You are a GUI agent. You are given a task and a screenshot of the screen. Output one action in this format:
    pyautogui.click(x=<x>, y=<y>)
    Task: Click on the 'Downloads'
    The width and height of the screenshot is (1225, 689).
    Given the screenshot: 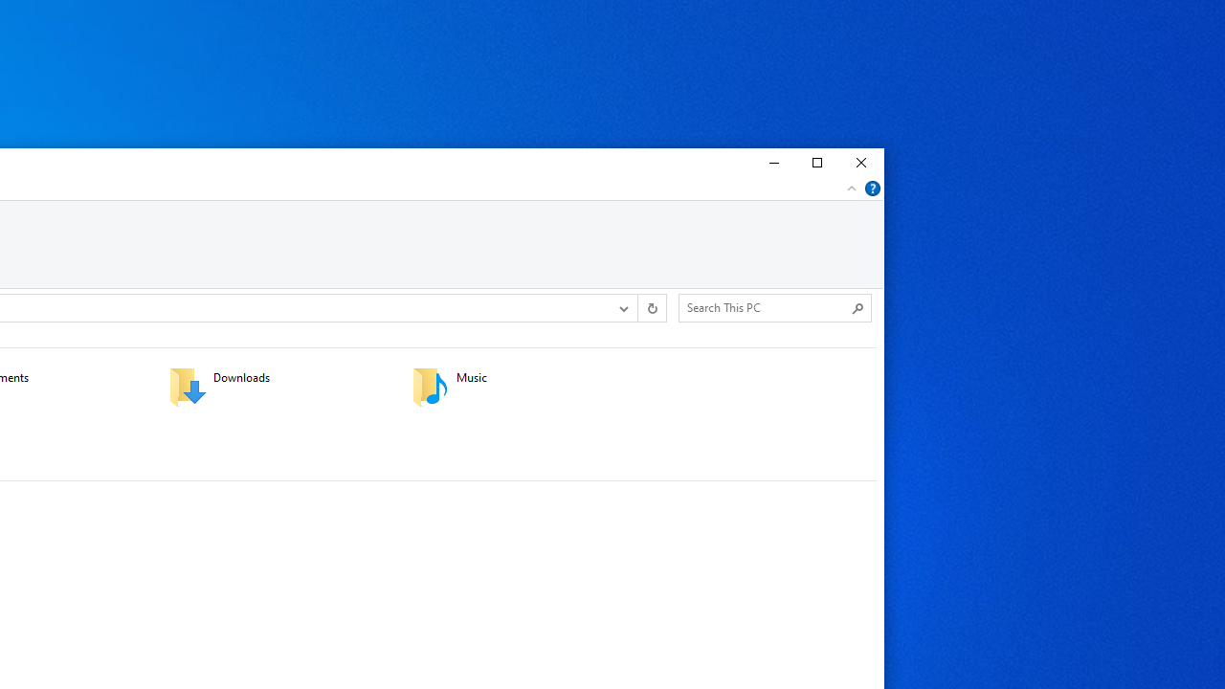 What is the action you would take?
    pyautogui.click(x=278, y=386)
    